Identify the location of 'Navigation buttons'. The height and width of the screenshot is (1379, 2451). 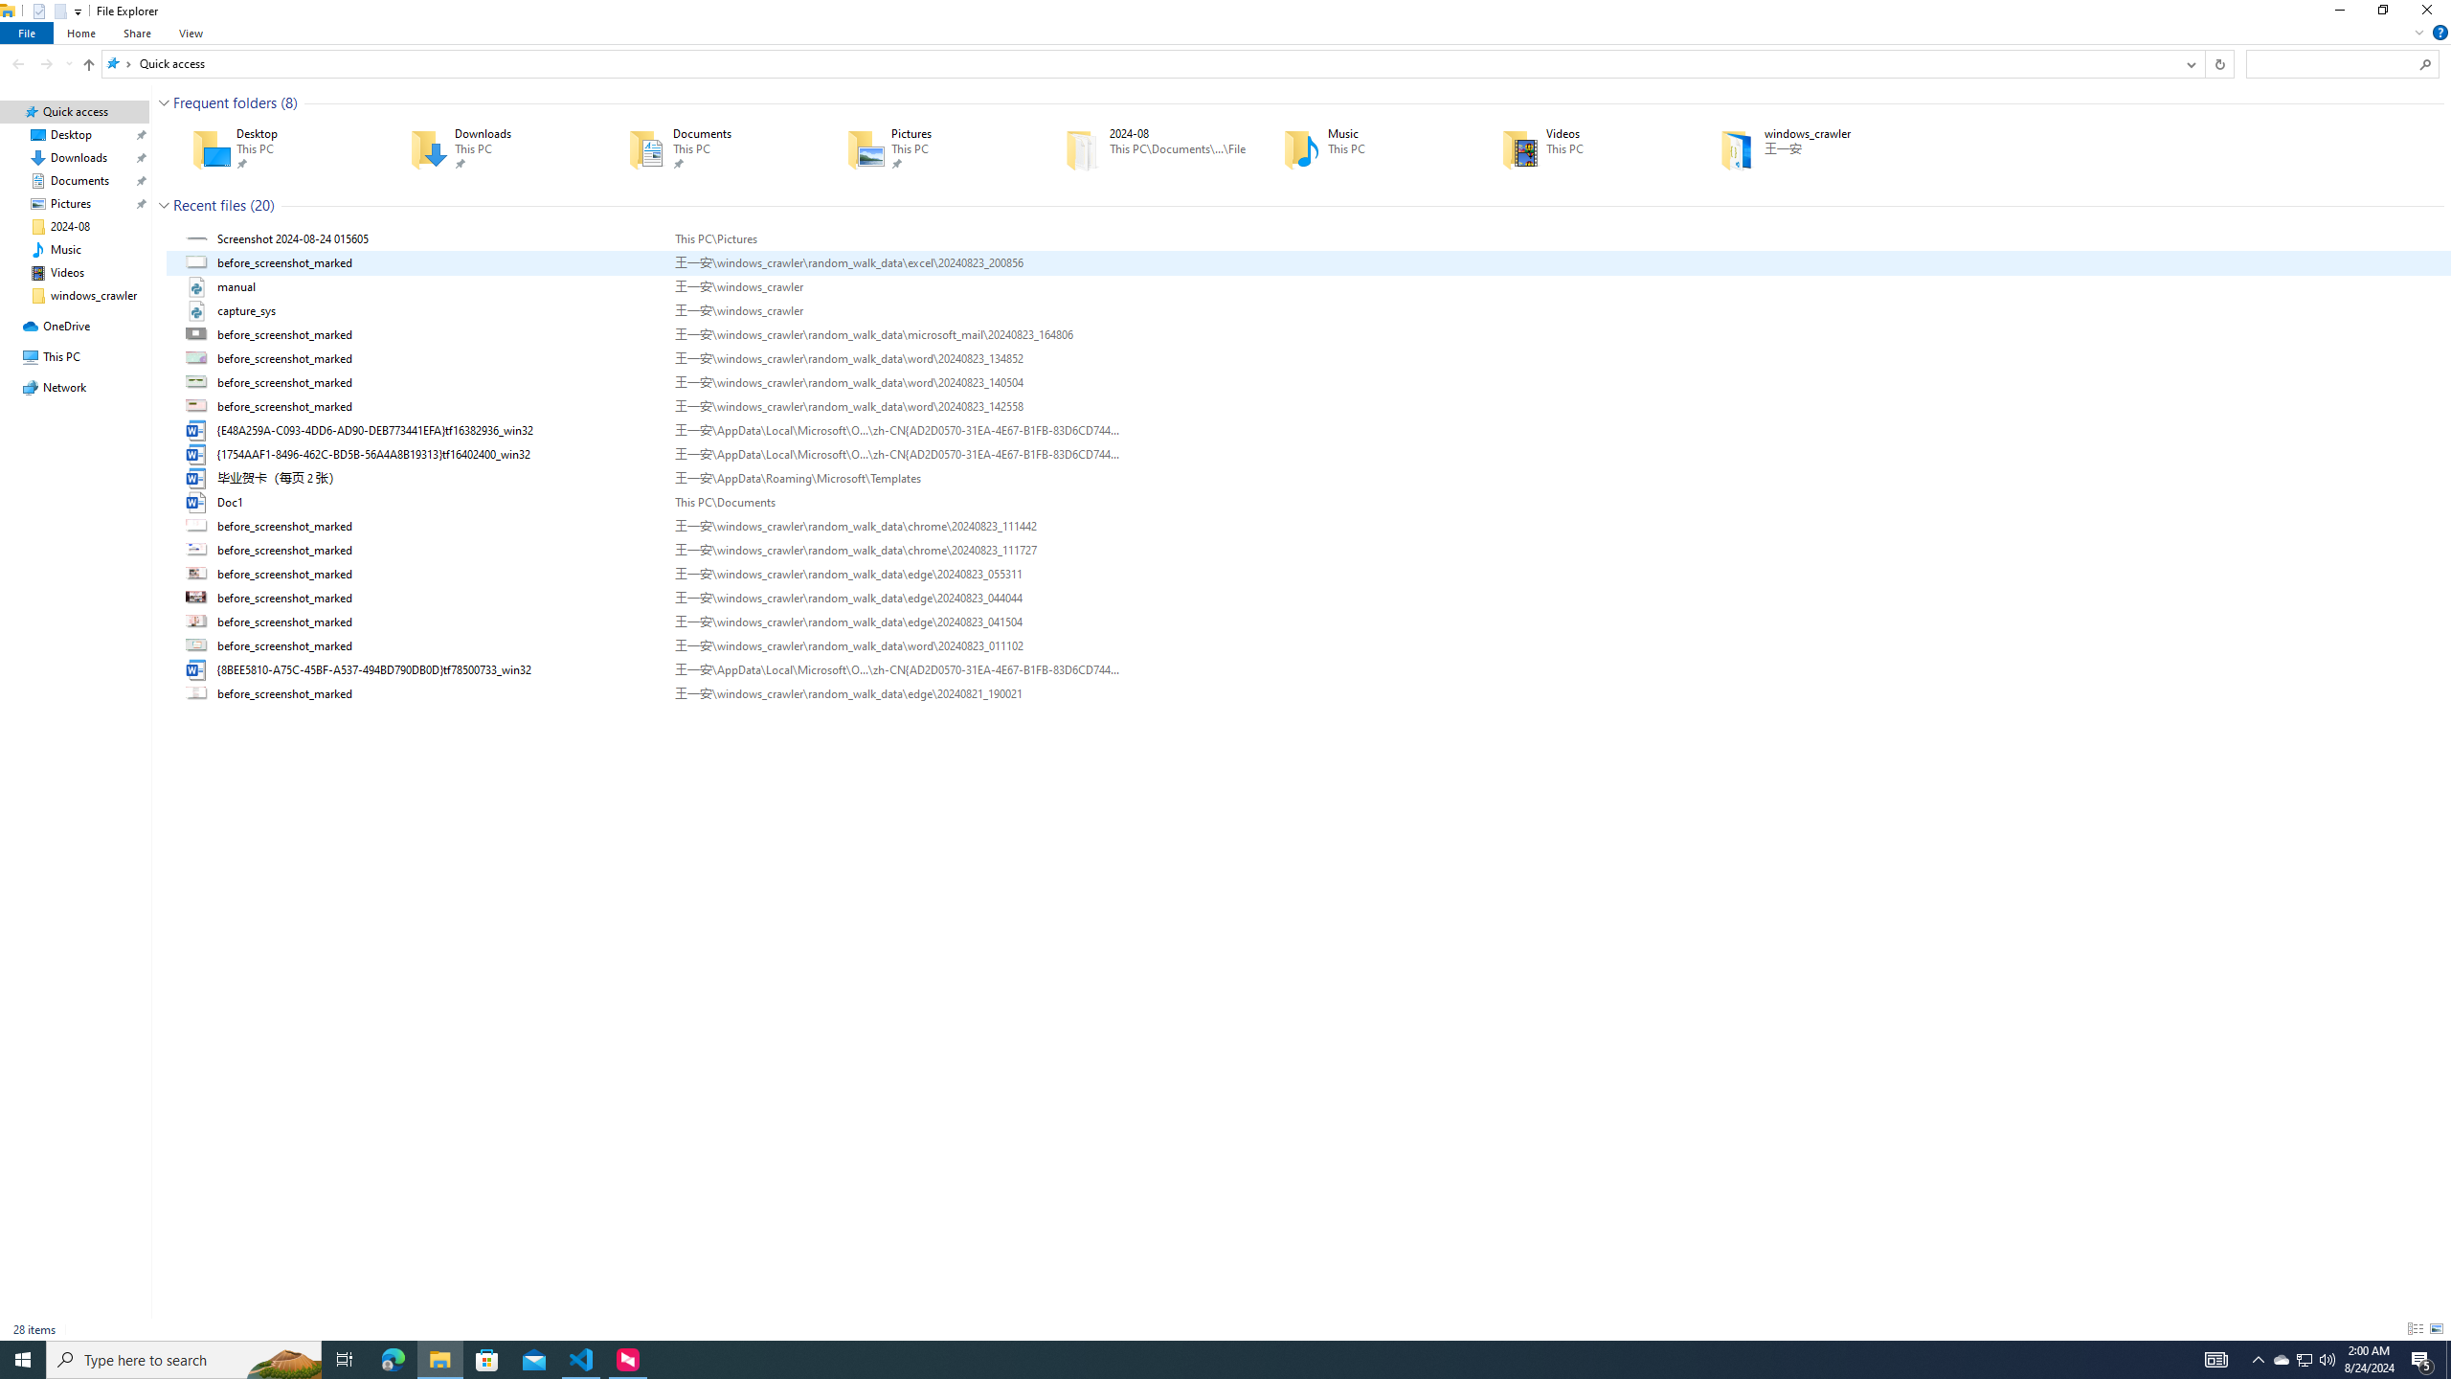
(40, 62).